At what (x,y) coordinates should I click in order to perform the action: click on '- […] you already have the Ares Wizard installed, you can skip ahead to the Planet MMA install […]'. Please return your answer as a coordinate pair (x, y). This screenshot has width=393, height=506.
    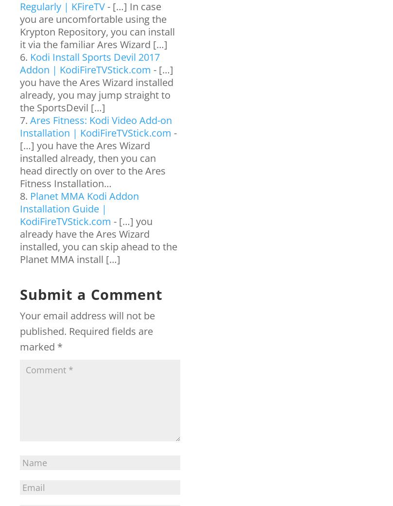
    Looking at the image, I should click on (98, 239).